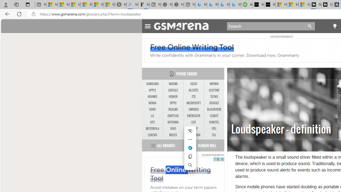 This screenshot has height=192, width=341. I want to click on 'SHARP', so click(193, 129).